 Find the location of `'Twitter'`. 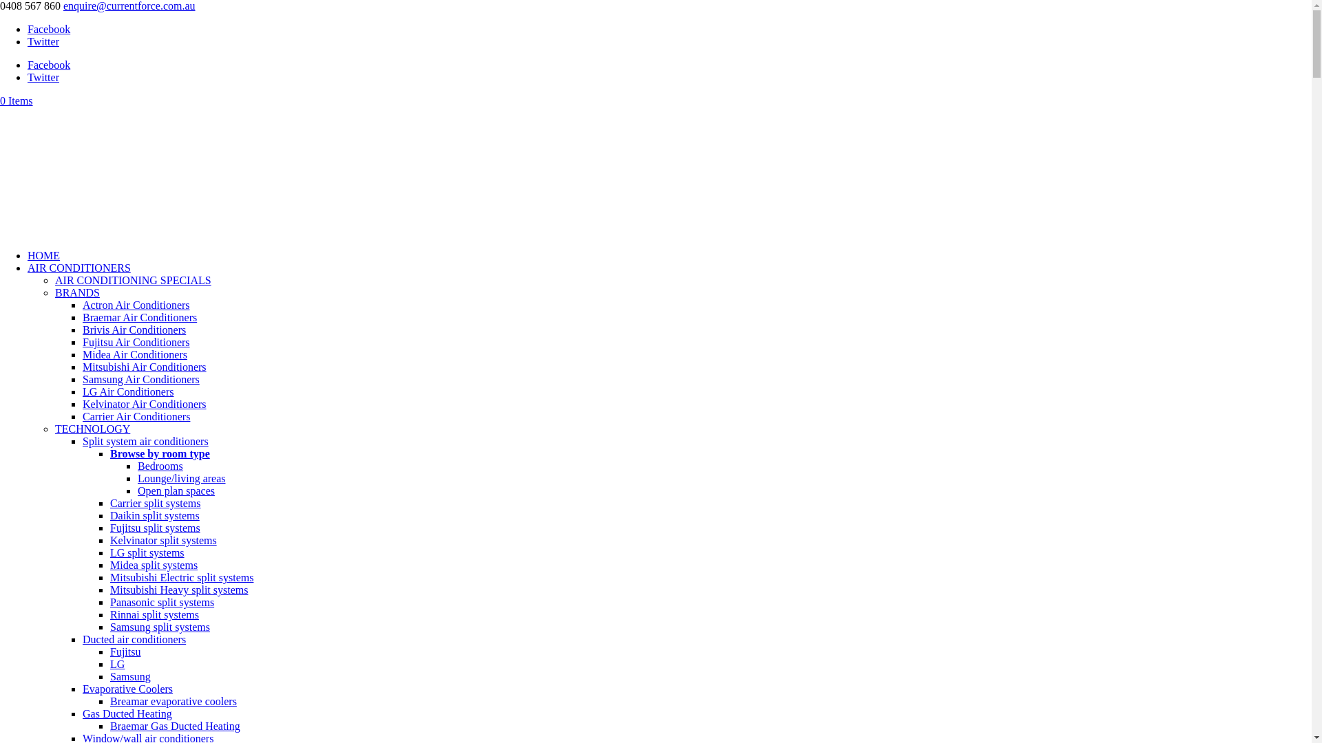

'Twitter' is located at coordinates (43, 77).